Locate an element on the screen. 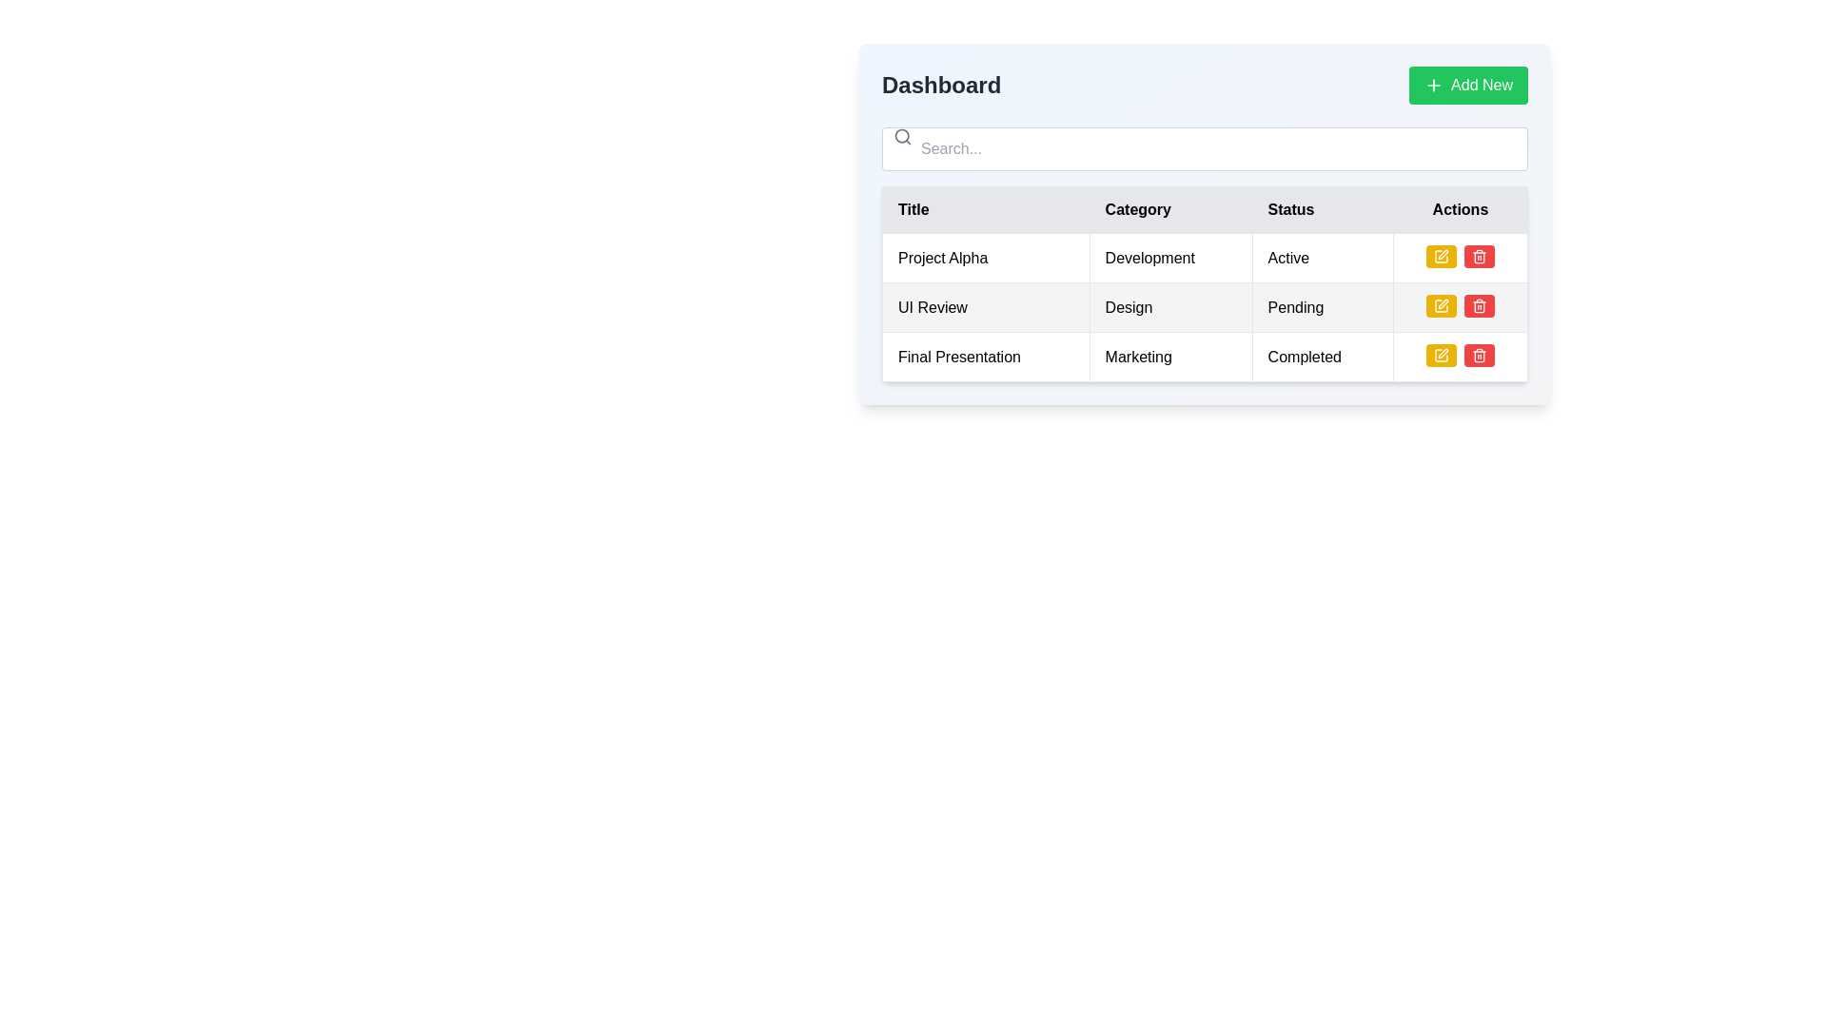 The image size is (1827, 1027). the yellow pen icon located in the 'Actions' column of the 'UI Review' row is located at coordinates (1441, 304).